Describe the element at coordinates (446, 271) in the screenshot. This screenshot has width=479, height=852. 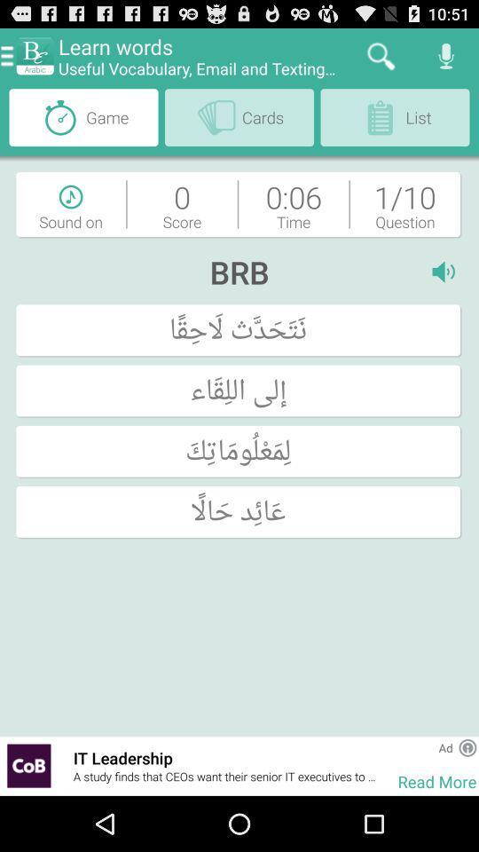
I see `the i item` at that location.